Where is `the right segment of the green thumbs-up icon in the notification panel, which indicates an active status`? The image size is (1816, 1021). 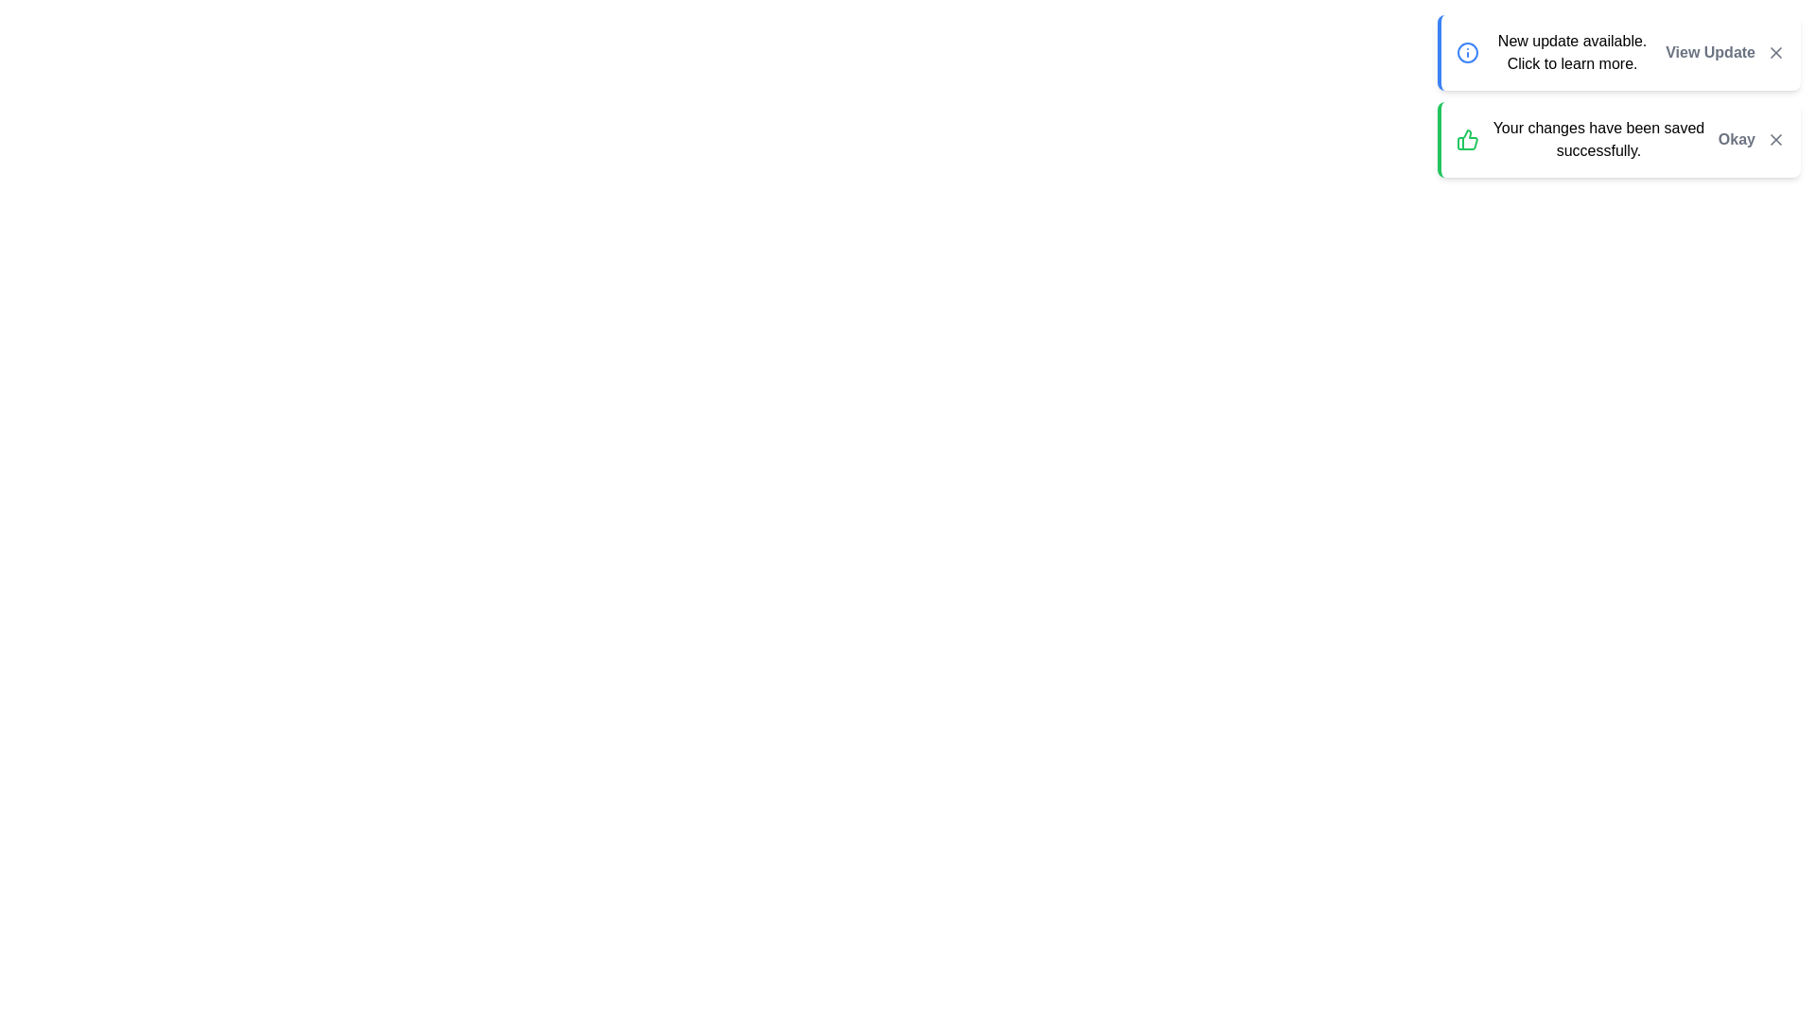 the right segment of the green thumbs-up icon in the notification panel, which indicates an active status is located at coordinates (1466, 138).